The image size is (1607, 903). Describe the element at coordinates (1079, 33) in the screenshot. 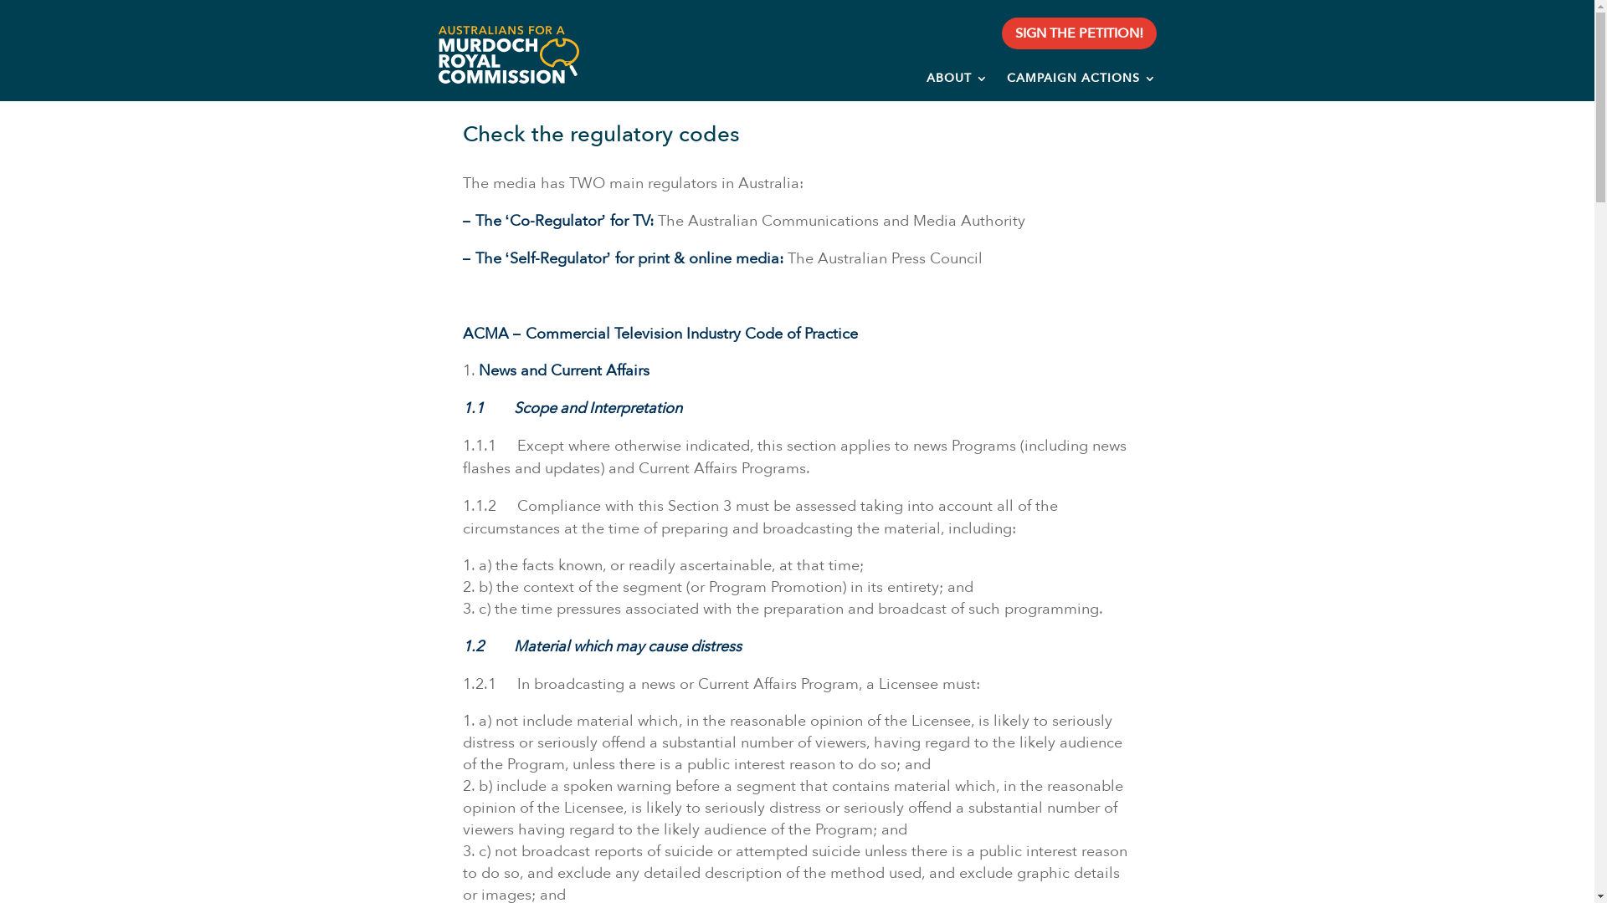

I see `'SIGN THE PETITION!'` at that location.